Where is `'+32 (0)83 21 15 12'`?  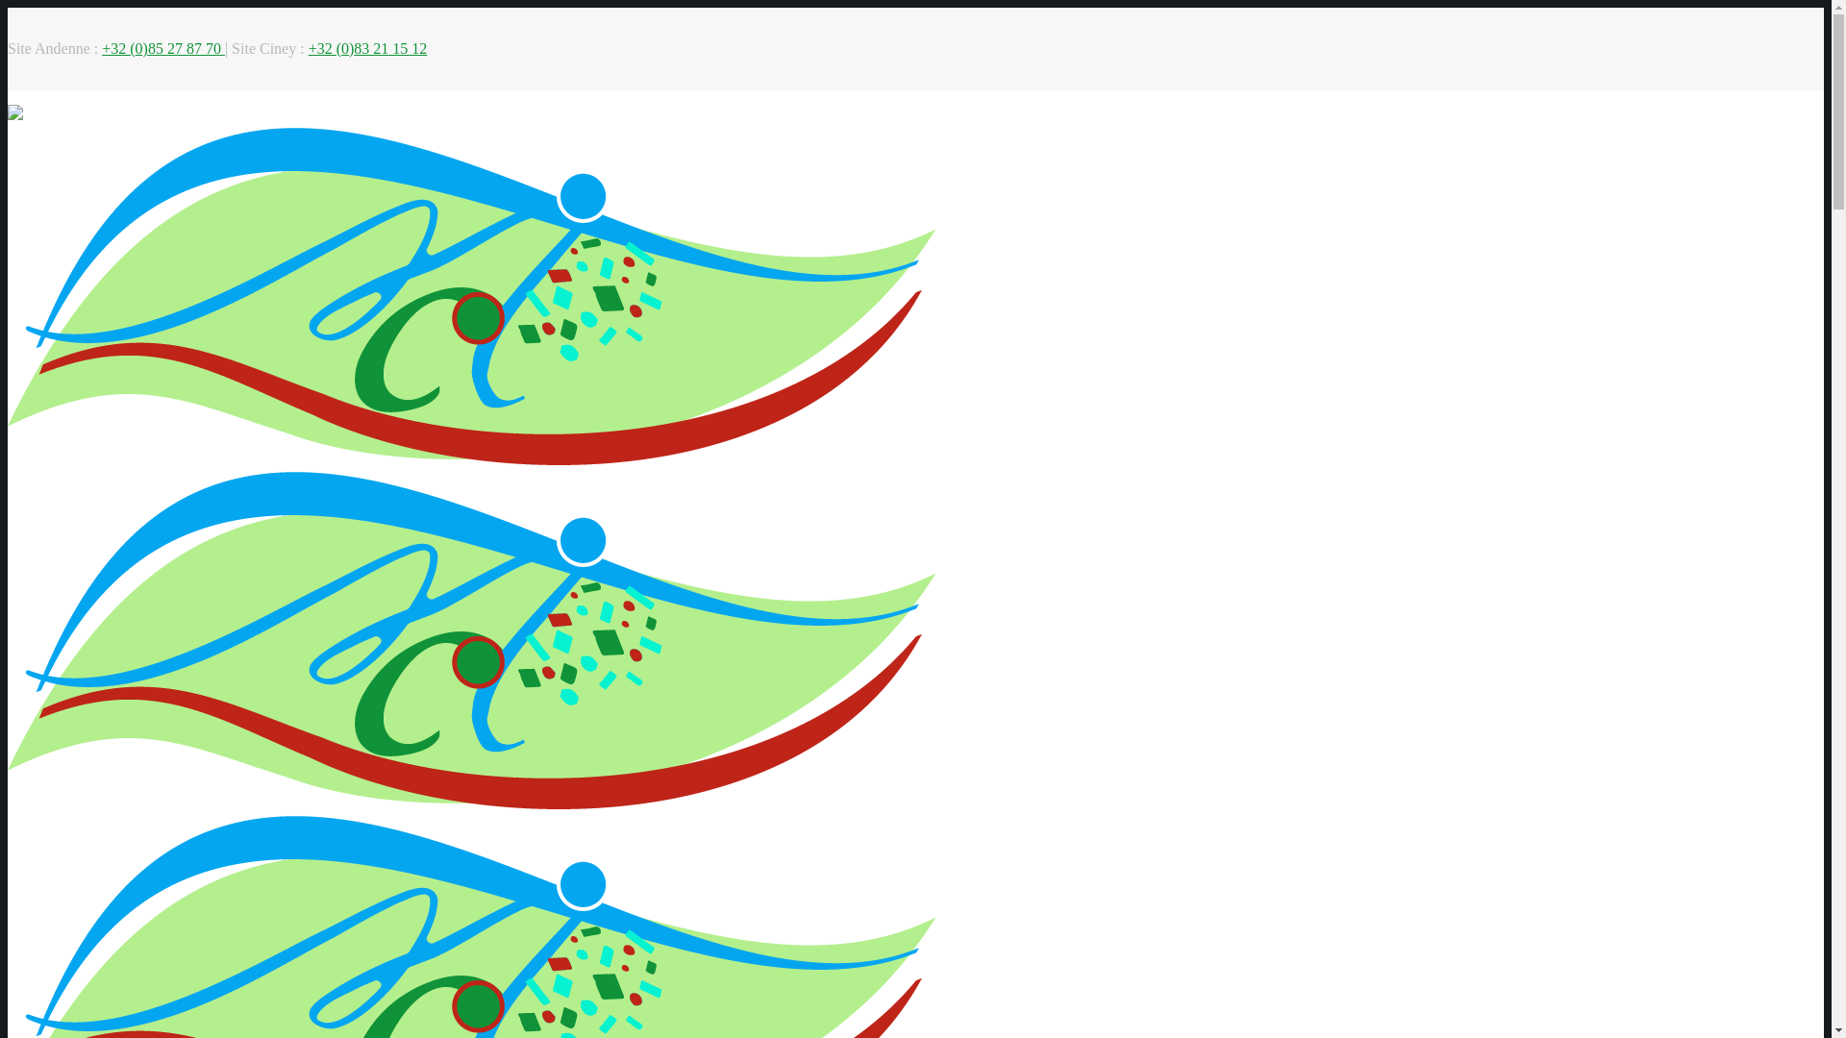 '+32 (0)83 21 15 12' is located at coordinates (309, 47).